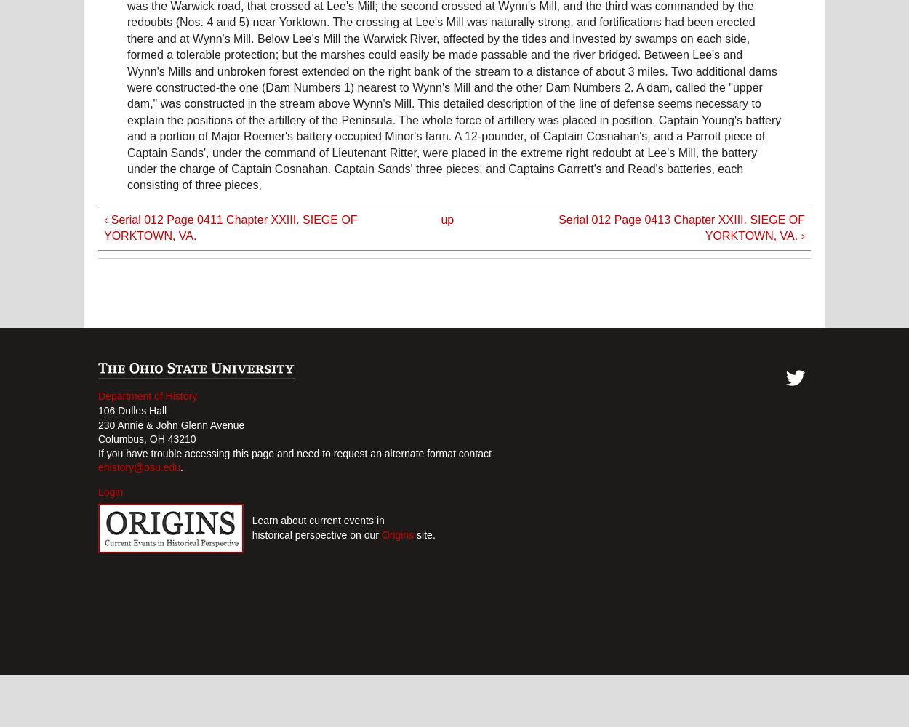 Image resolution: width=909 pixels, height=727 pixels. What do you see at coordinates (111, 492) in the screenshot?
I see `'Login'` at bounding box center [111, 492].